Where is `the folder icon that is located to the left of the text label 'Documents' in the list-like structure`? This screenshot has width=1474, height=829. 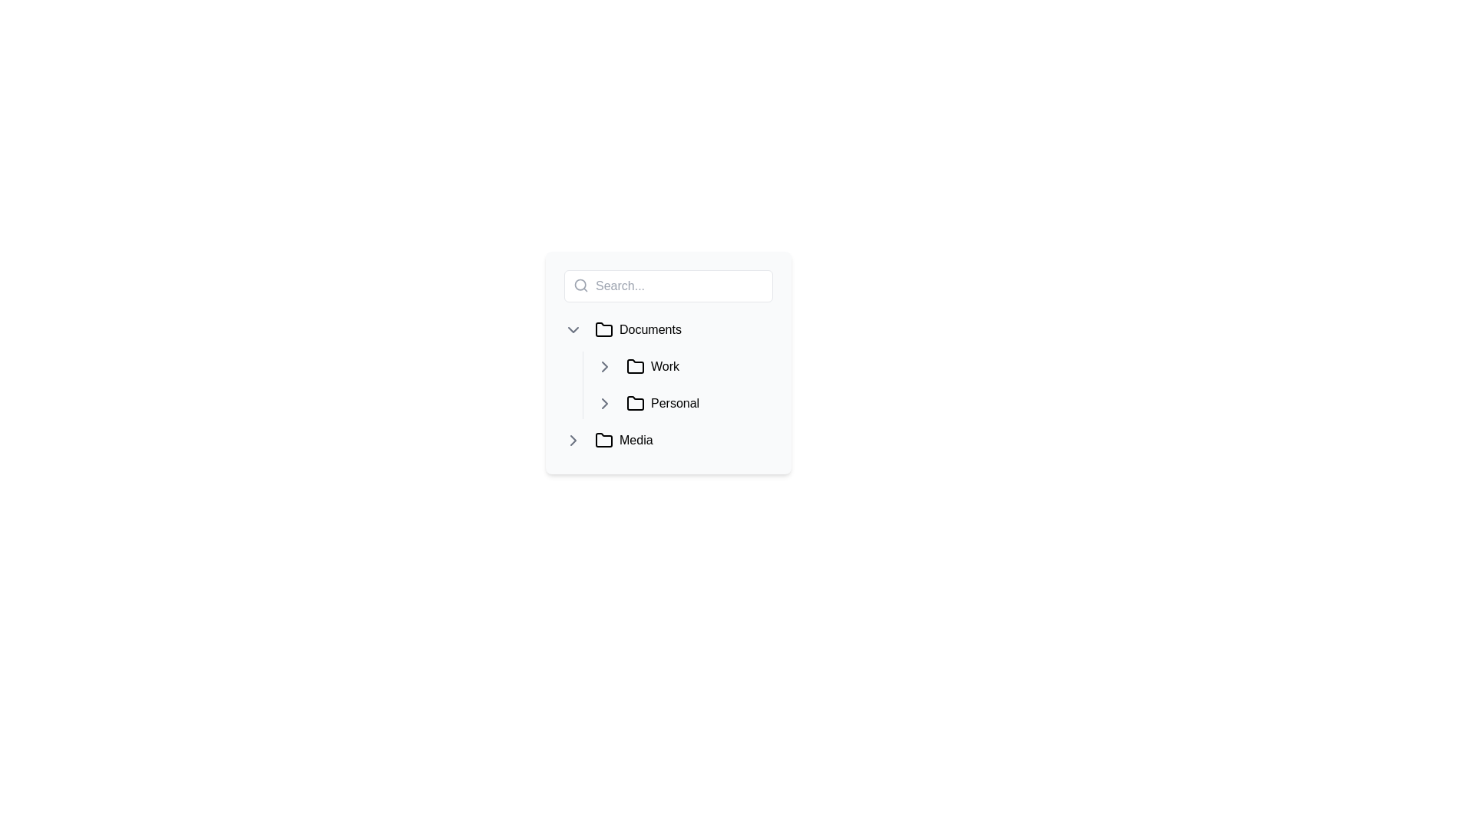 the folder icon that is located to the left of the text label 'Documents' in the list-like structure is located at coordinates (603, 329).